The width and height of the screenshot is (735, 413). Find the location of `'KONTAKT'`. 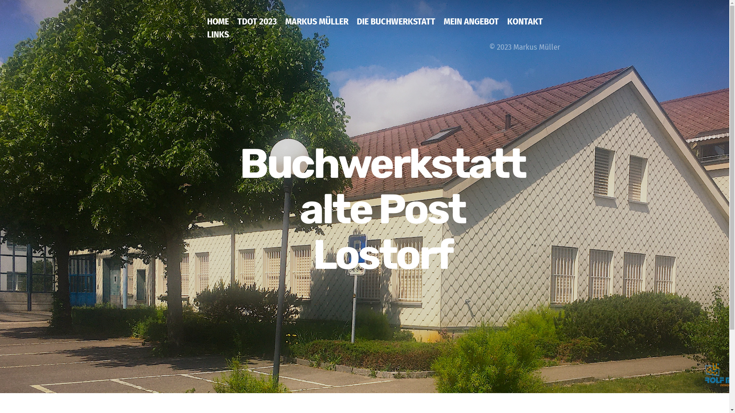

'KONTAKT' is located at coordinates (524, 26).